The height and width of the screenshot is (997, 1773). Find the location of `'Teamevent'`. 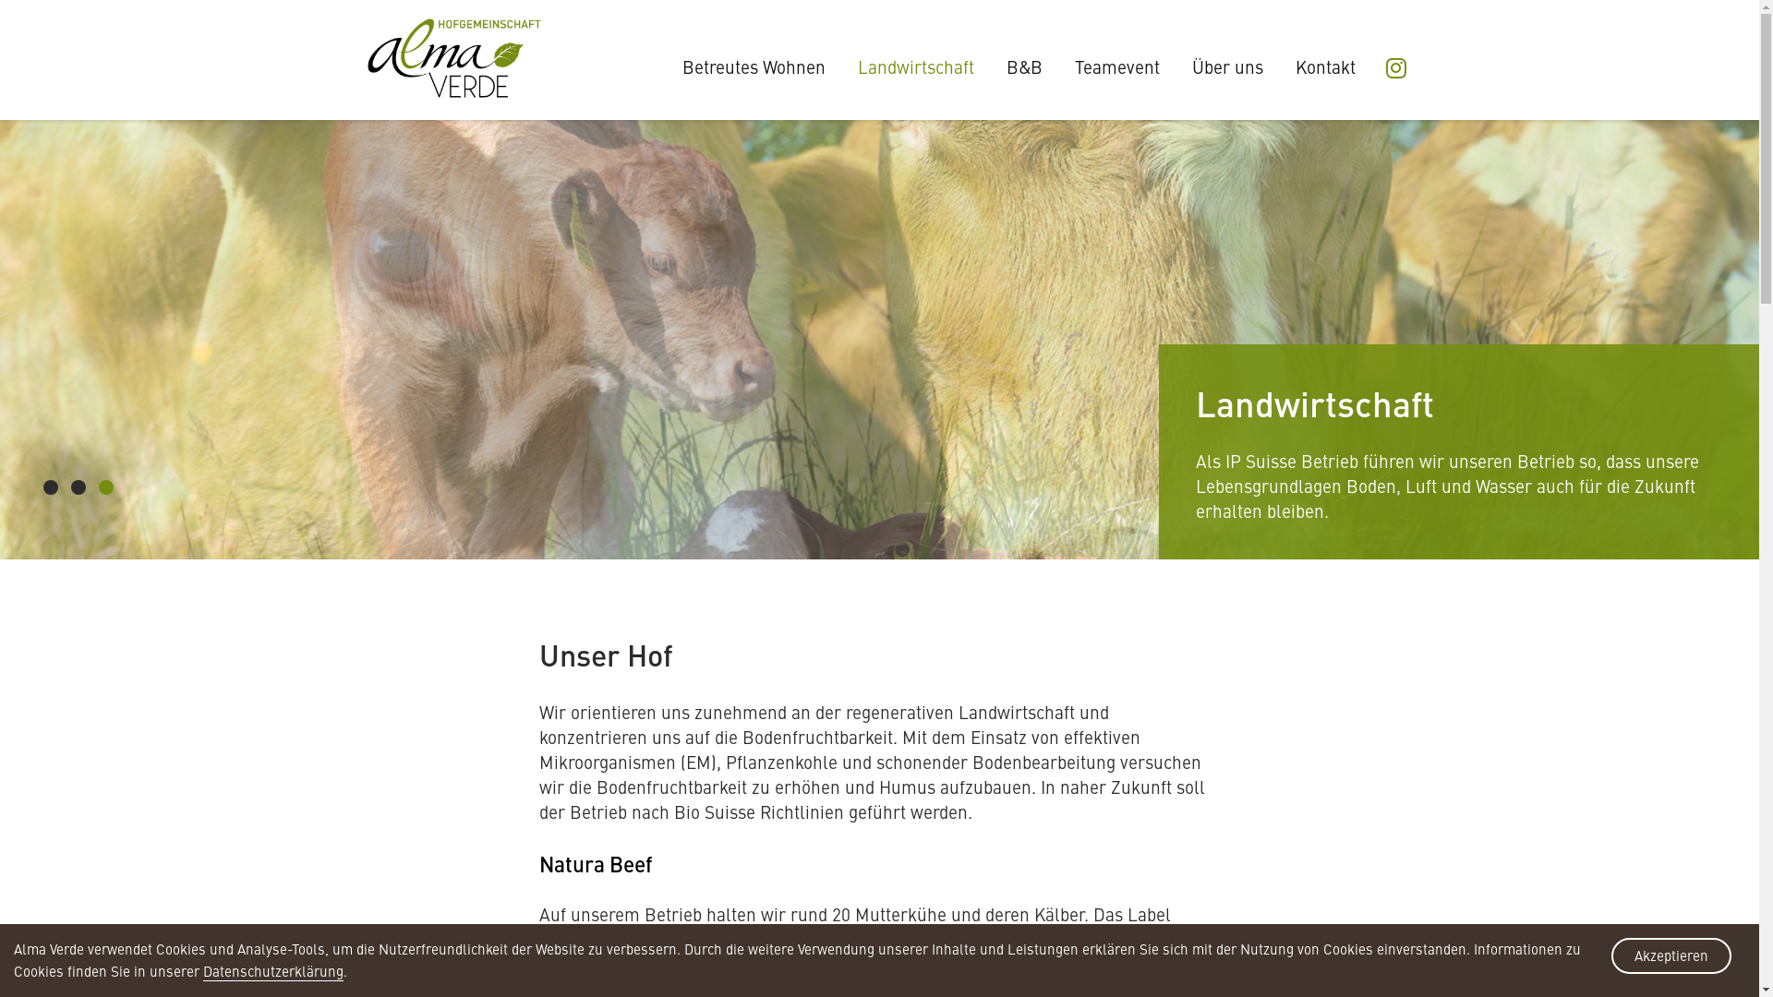

'Teamevent' is located at coordinates (1116, 66).